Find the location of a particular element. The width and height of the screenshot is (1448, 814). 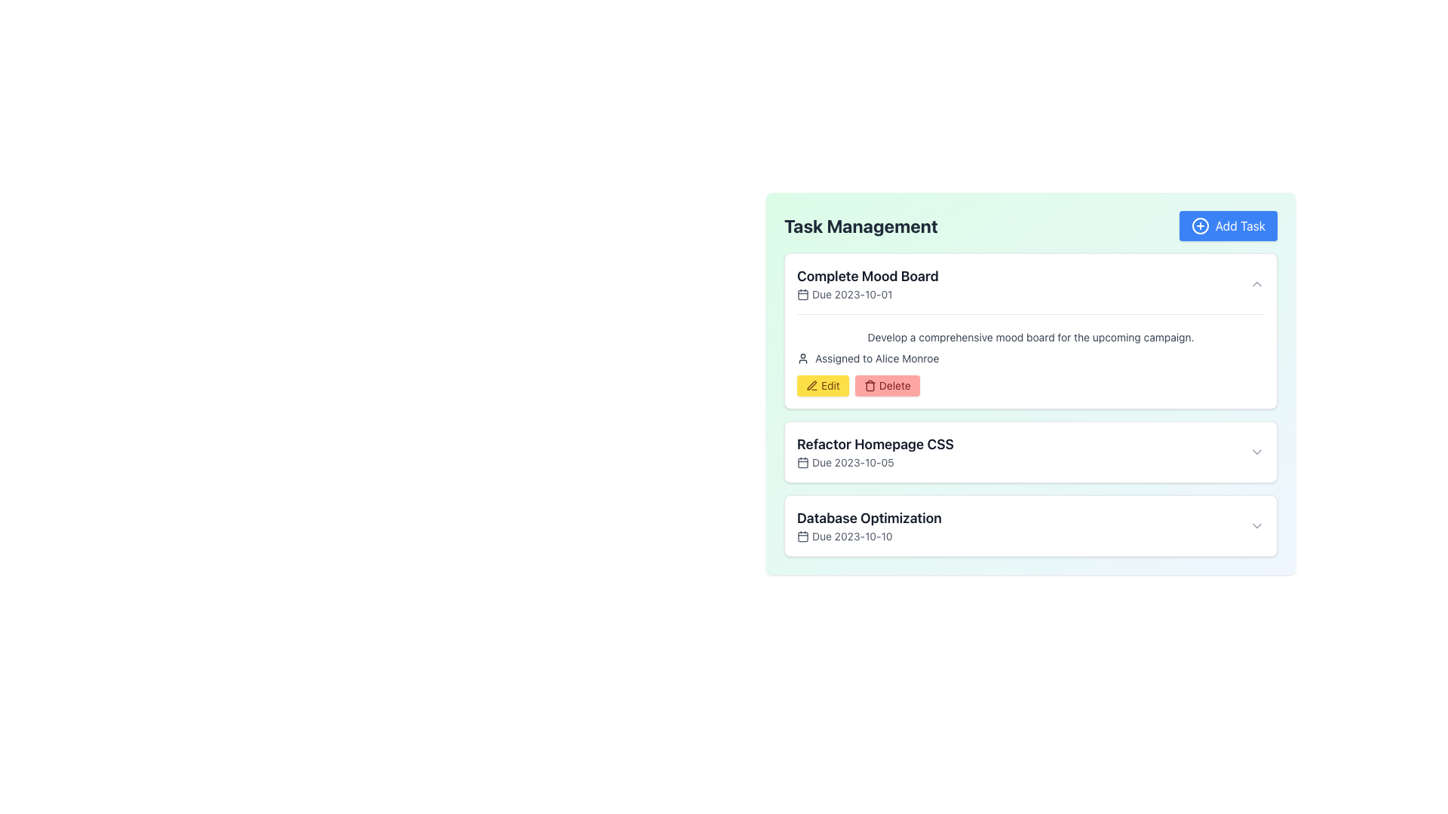

the label displaying the due date for the task located under the 'Complete Mood Board' header, which is the second line of content in the task description card is located at coordinates (867, 294).